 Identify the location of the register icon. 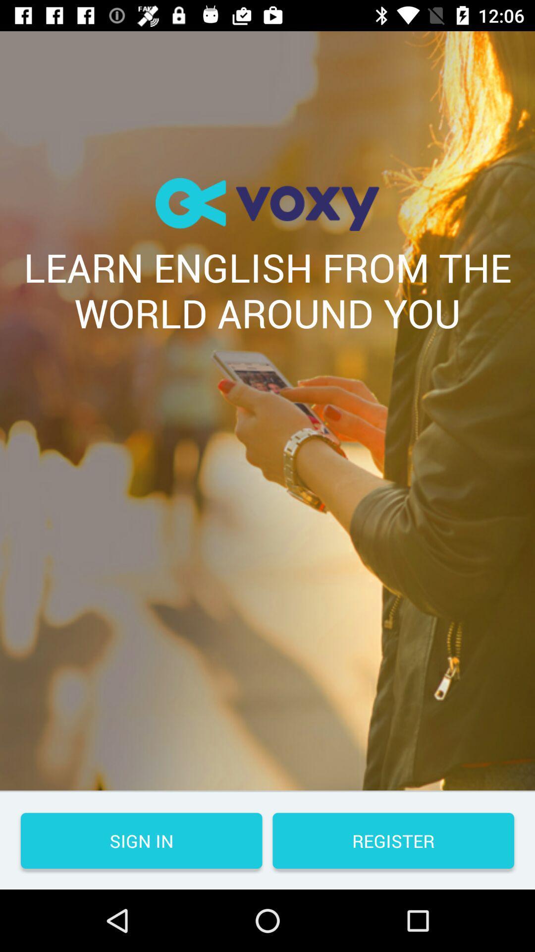
(393, 840).